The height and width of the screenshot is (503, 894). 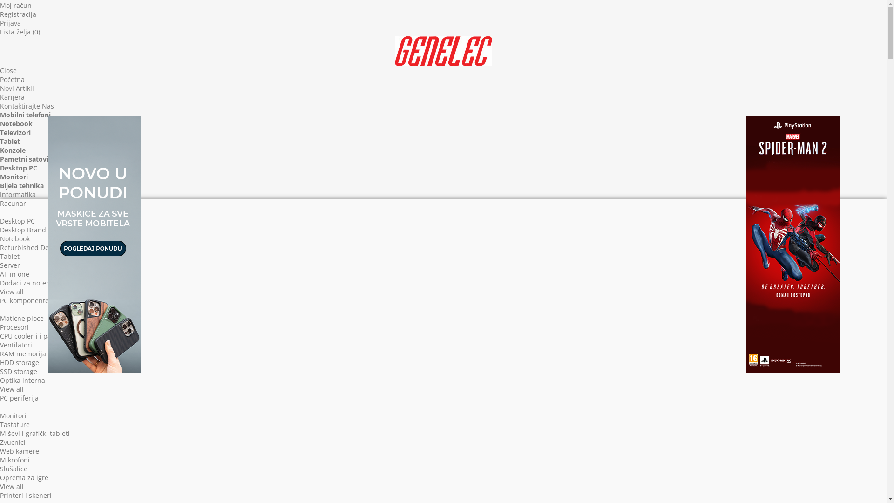 What do you see at coordinates (0, 203) in the screenshot?
I see `'Racunari'` at bounding box center [0, 203].